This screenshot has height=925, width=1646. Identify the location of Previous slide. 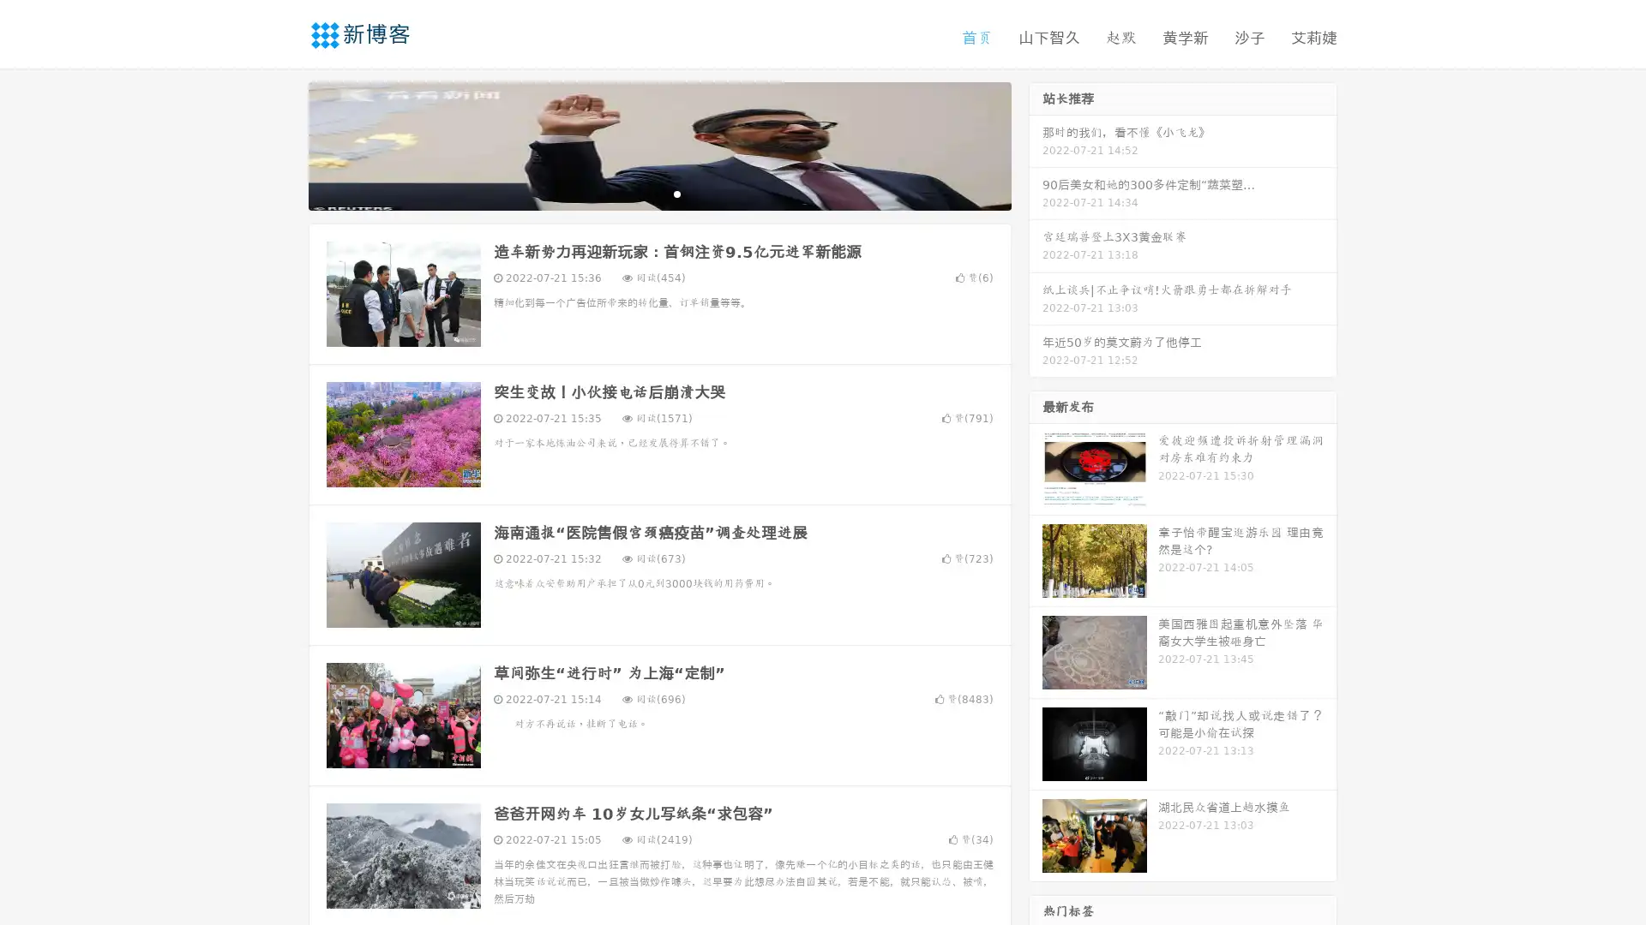
(283, 144).